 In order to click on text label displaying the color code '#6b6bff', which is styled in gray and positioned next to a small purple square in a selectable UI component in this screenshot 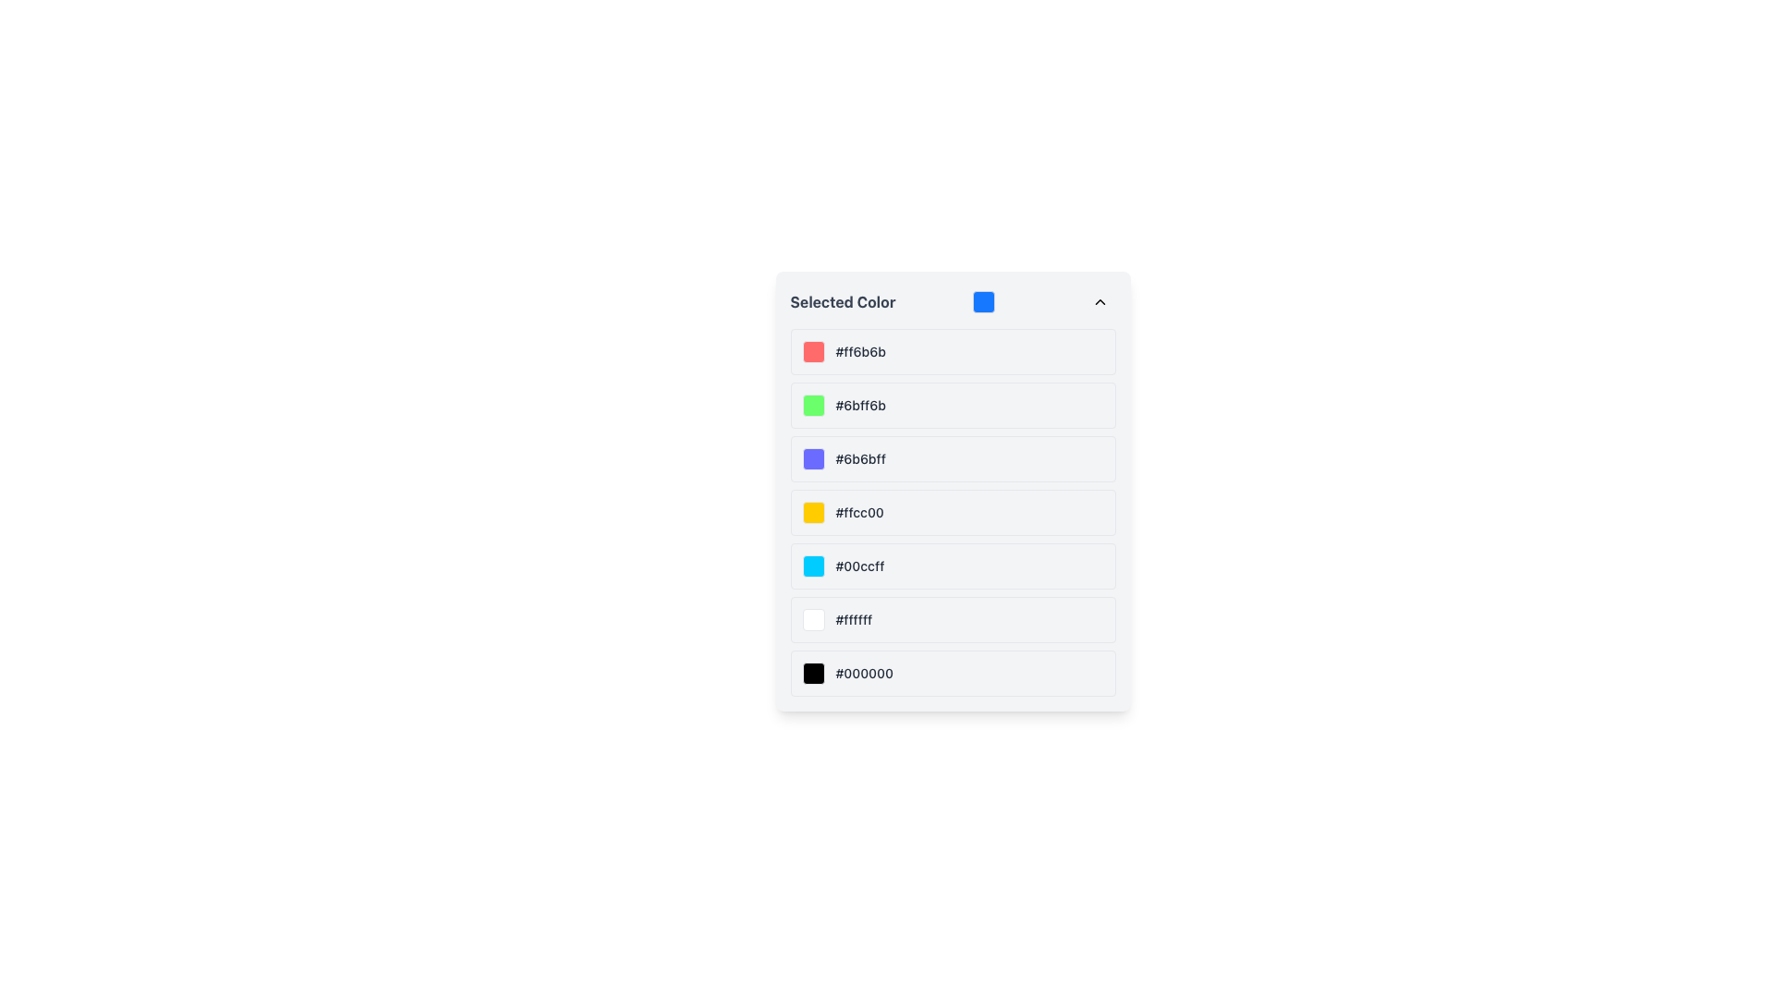, I will do `click(859, 458)`.